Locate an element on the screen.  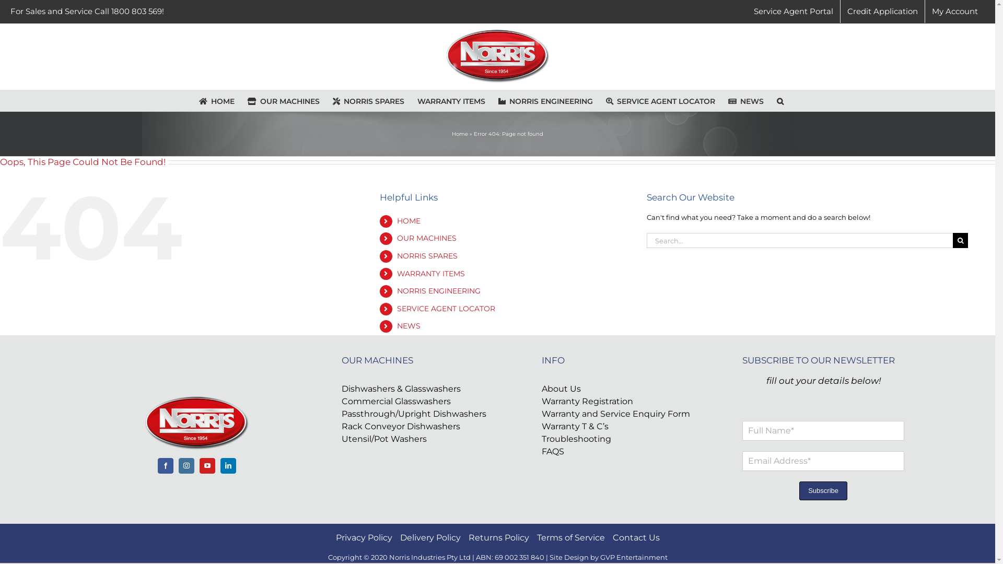
'LinkedIn' is located at coordinates (227, 465).